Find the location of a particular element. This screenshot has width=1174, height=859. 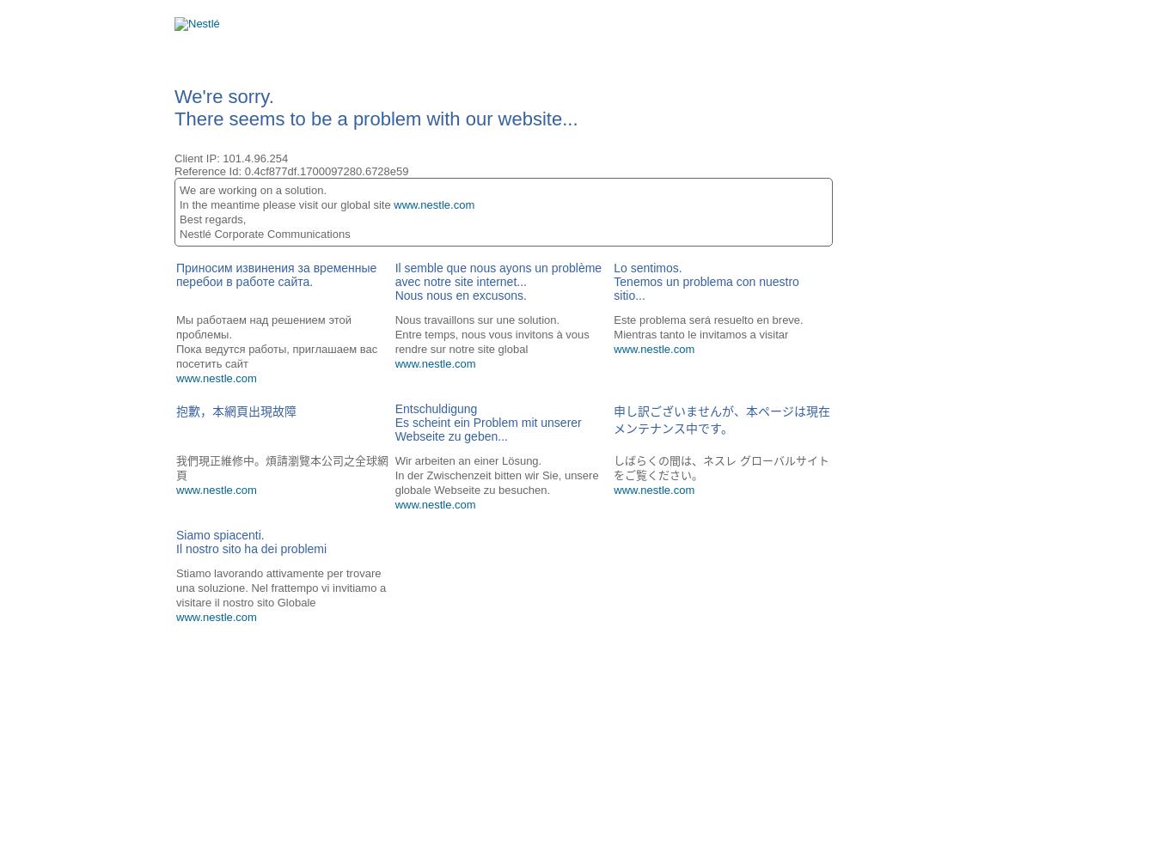

'Reference Id: 0.4cf877df.1700097280.6728e59' is located at coordinates (291, 170).